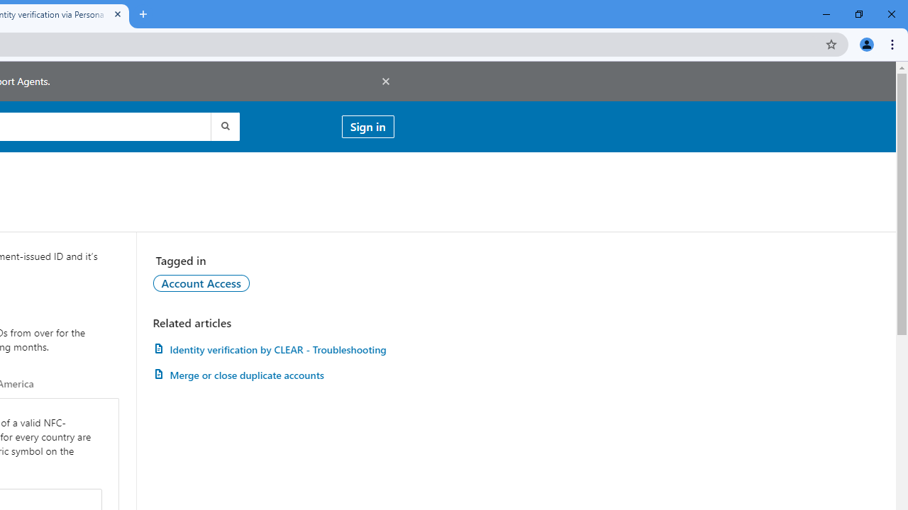 This screenshot has height=510, width=908. Describe the element at coordinates (200, 283) in the screenshot. I see `'AutomationID: topic-link-a151002'` at that location.